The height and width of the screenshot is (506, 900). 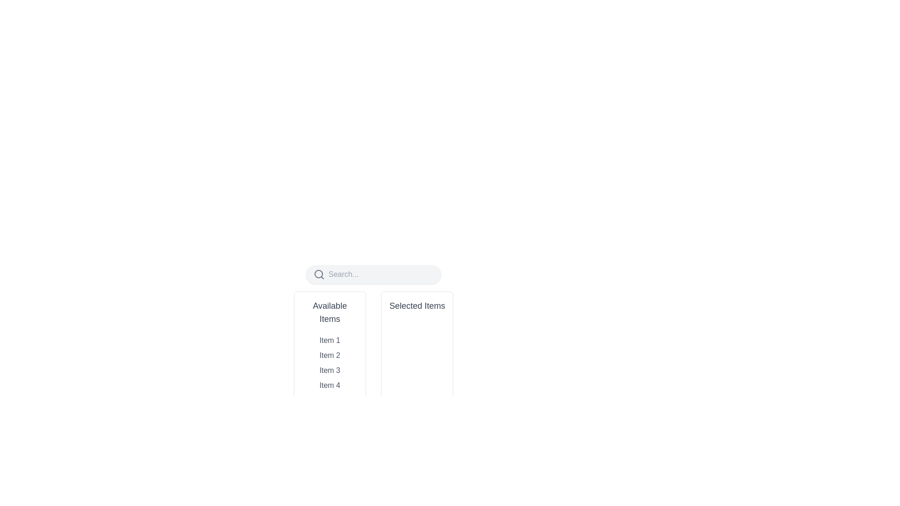 What do you see at coordinates (330, 313) in the screenshot?
I see `the text label heading that indicates the section for viewing items listed below it, which is centrally aligned at the top of the panel` at bounding box center [330, 313].